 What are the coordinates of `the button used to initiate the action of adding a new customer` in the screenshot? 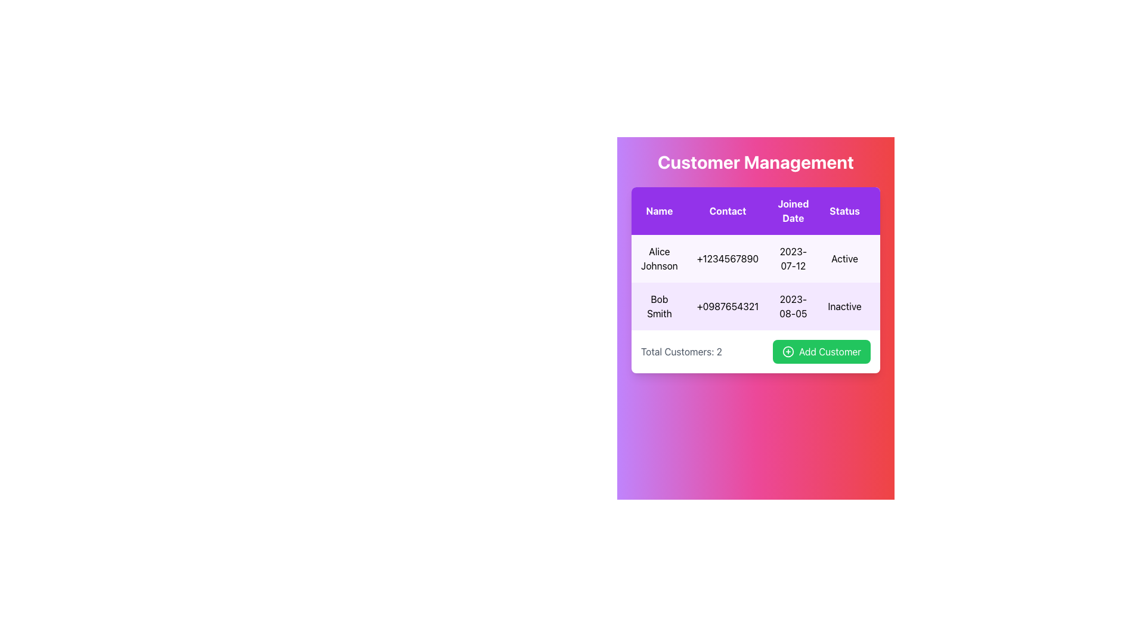 It's located at (821, 351).